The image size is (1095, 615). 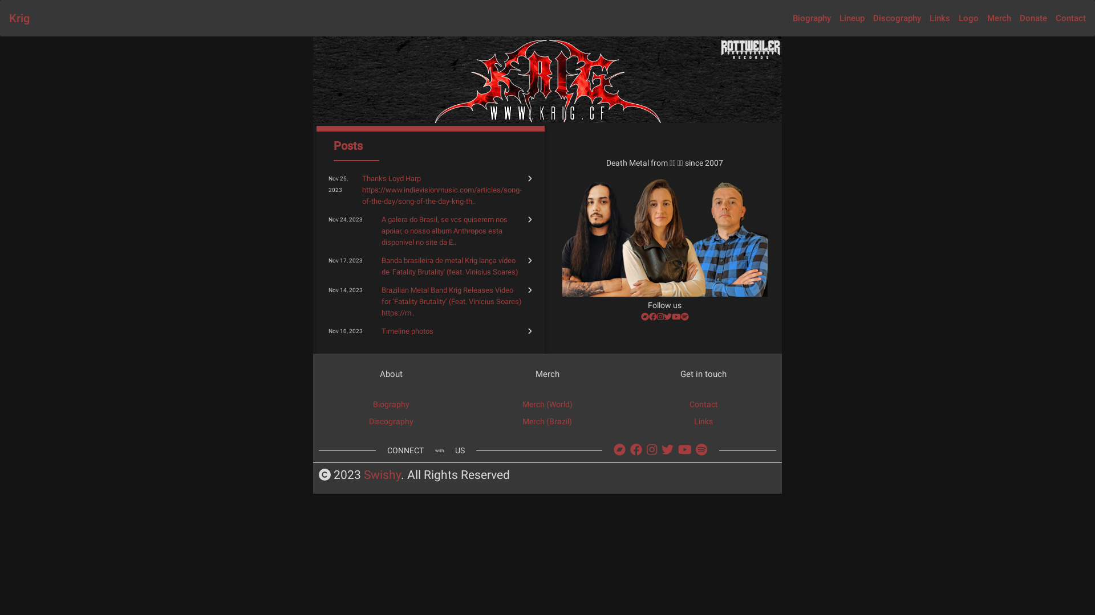 What do you see at coordinates (999, 18) in the screenshot?
I see `'Merch'` at bounding box center [999, 18].